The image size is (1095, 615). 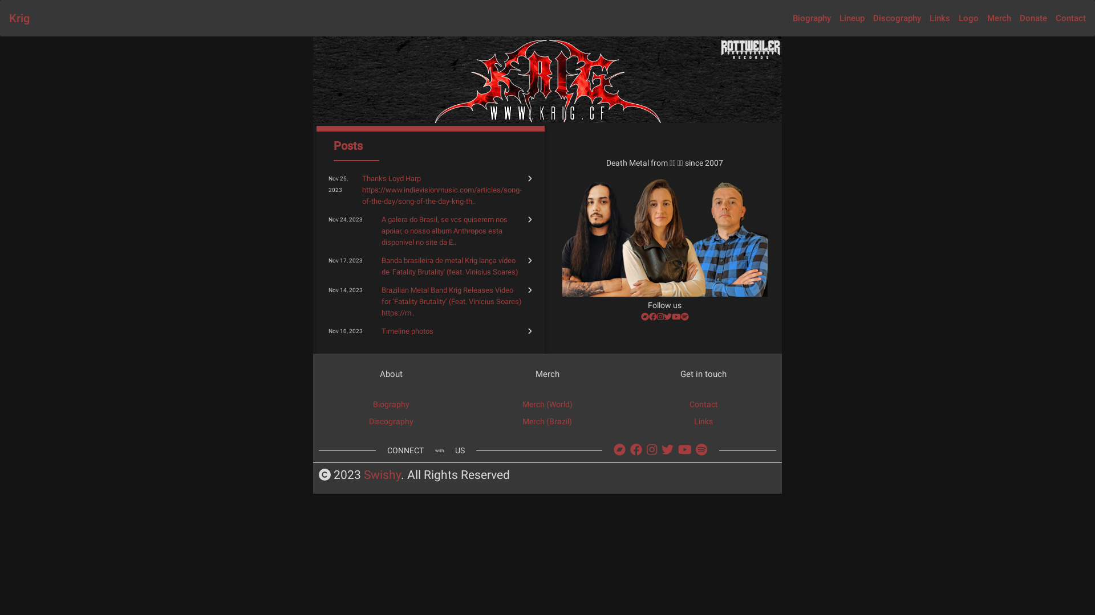 What do you see at coordinates (999, 18) in the screenshot?
I see `'Merch'` at bounding box center [999, 18].